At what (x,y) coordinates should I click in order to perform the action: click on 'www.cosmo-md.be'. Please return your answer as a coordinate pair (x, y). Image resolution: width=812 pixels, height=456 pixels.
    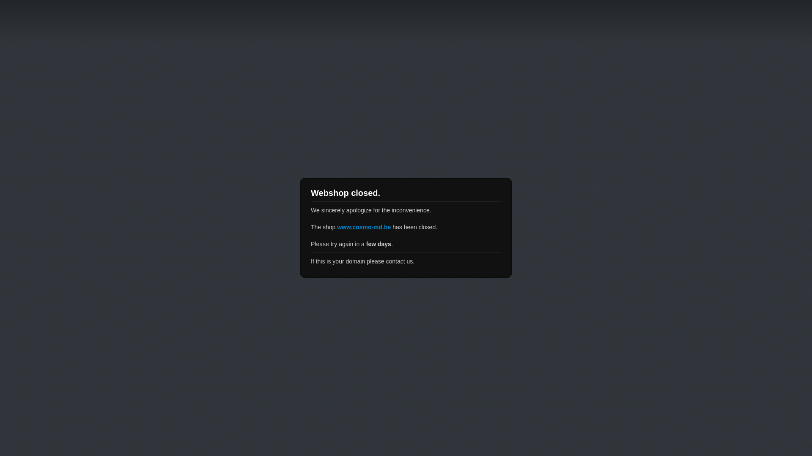
    Looking at the image, I should click on (336, 226).